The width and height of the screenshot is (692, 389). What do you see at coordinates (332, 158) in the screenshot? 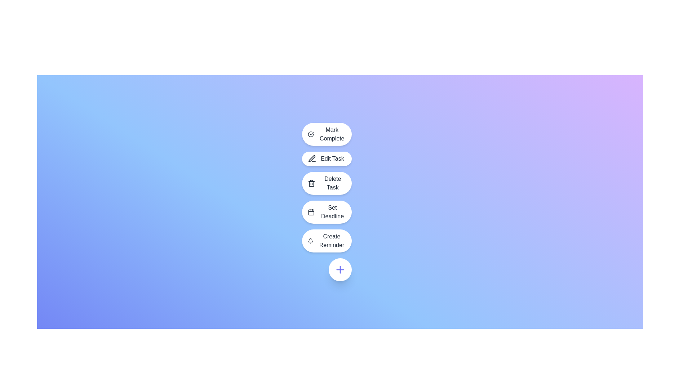
I see `the Text Label that indicates the action for editing a task, which is located within the second interactive button in a vertical options menu` at bounding box center [332, 158].